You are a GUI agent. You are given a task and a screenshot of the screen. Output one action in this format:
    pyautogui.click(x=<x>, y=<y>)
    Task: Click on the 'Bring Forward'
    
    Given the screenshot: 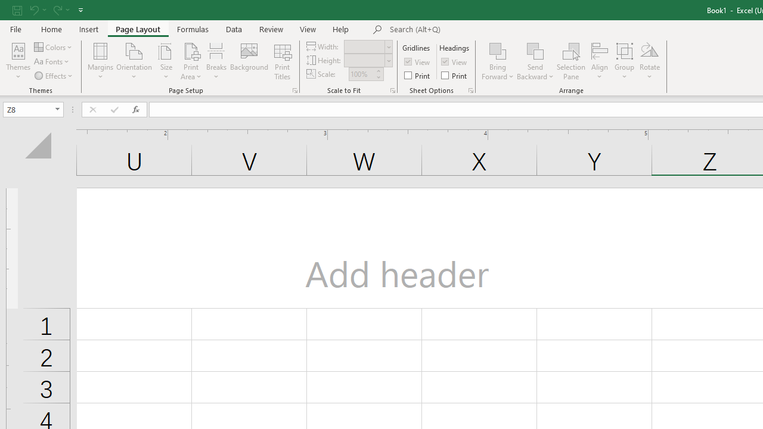 What is the action you would take?
    pyautogui.click(x=498, y=50)
    